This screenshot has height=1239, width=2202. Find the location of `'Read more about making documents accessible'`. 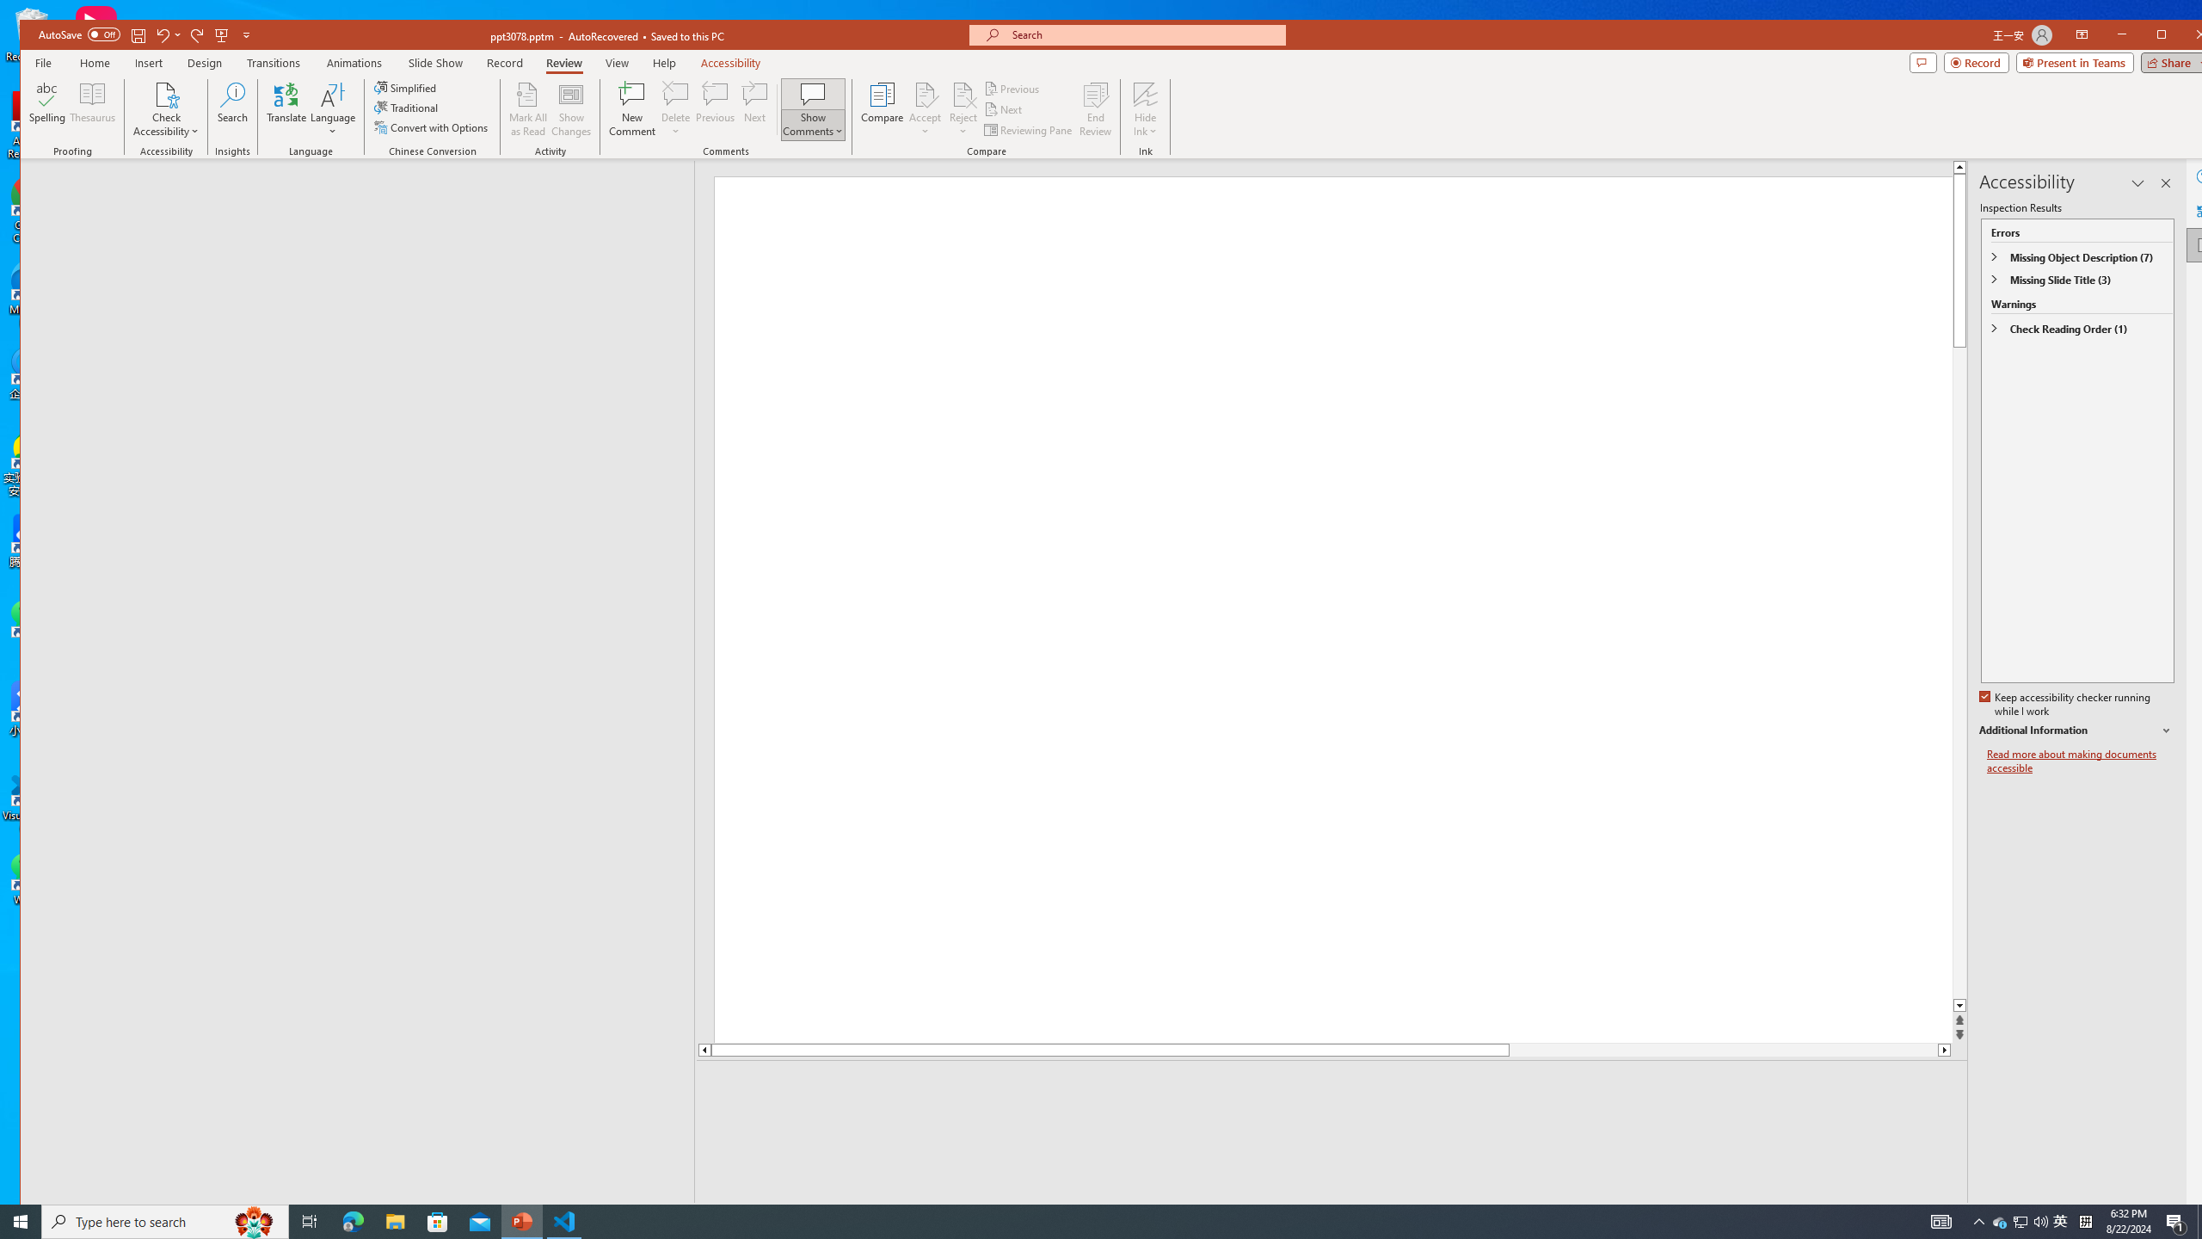

'Read more about making documents accessible' is located at coordinates (2080, 761).